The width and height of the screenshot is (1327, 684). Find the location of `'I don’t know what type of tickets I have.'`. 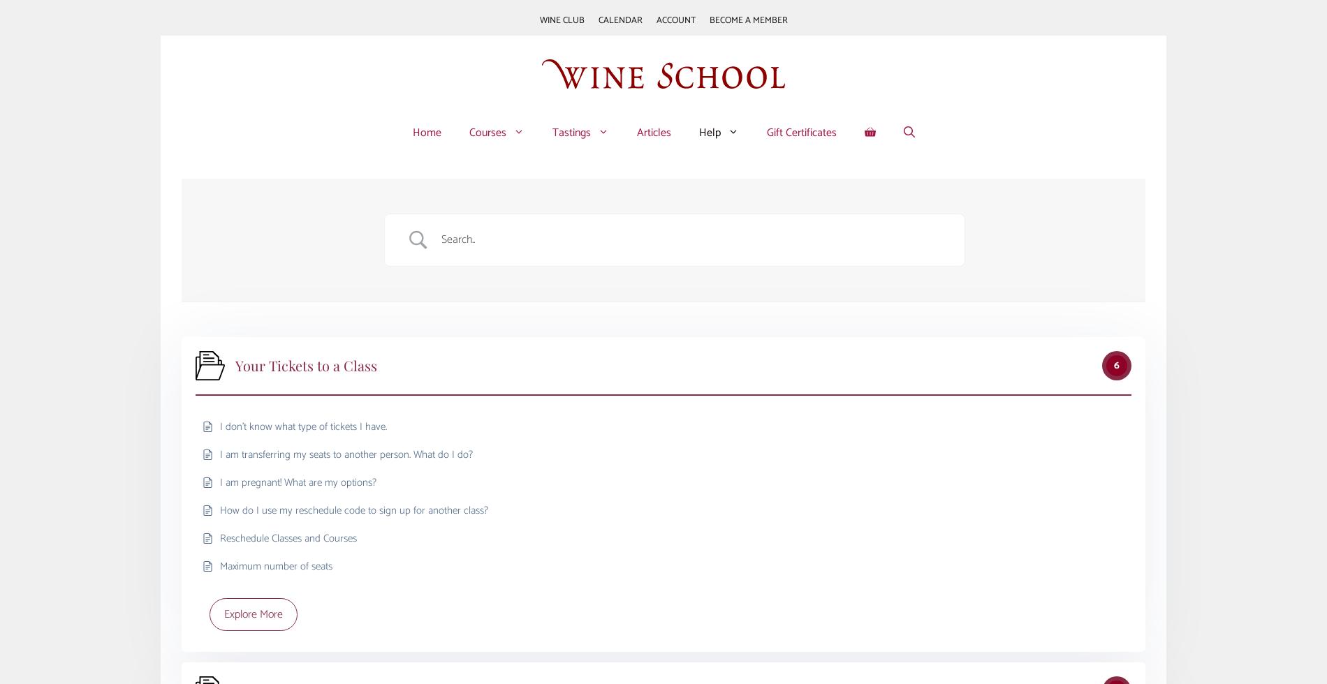

'I don’t know what type of tickets I have.' is located at coordinates (302, 426).